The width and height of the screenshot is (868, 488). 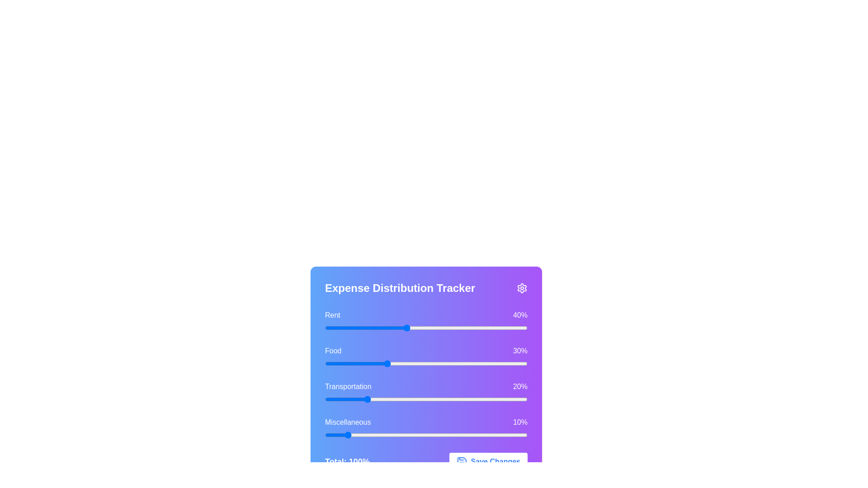 I want to click on the 'Food' allocation slider, so click(x=442, y=363).